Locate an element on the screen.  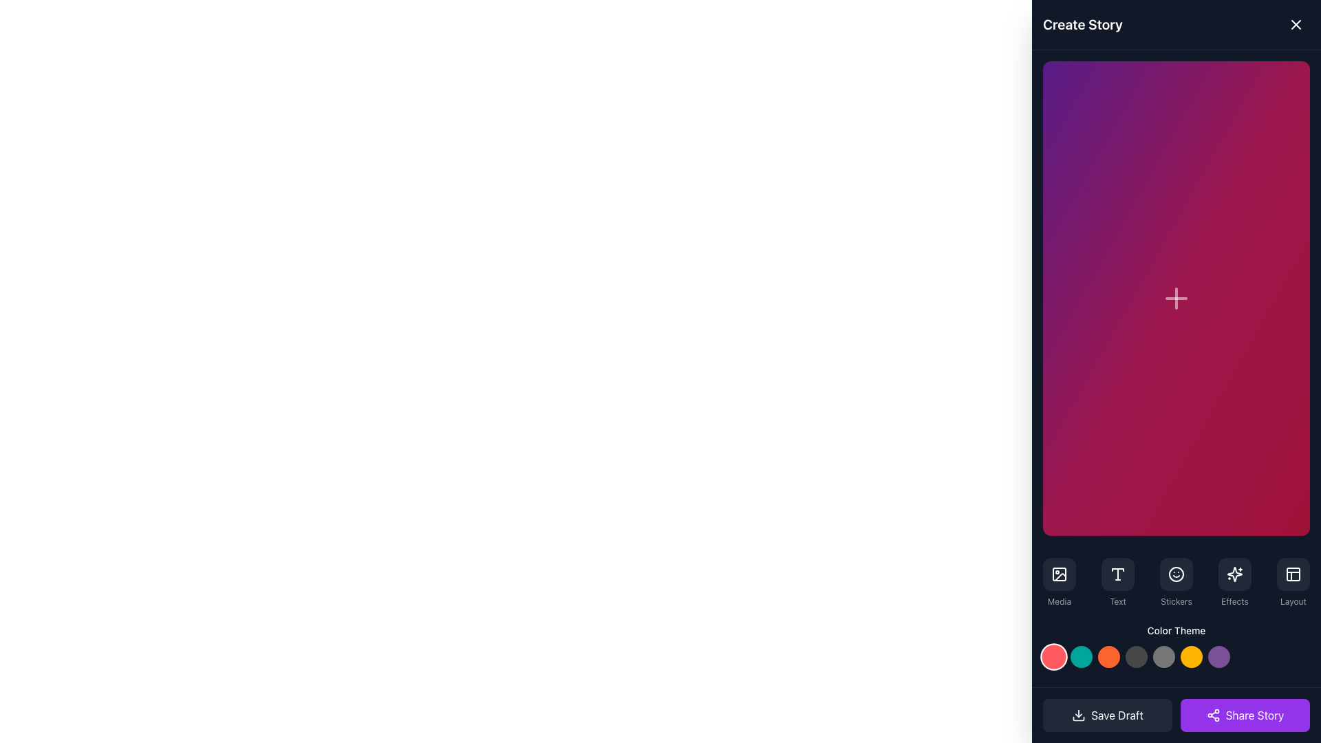
the seventh circular button with a purple solid color in the 'Color Theme' section is located at coordinates (1218, 655).